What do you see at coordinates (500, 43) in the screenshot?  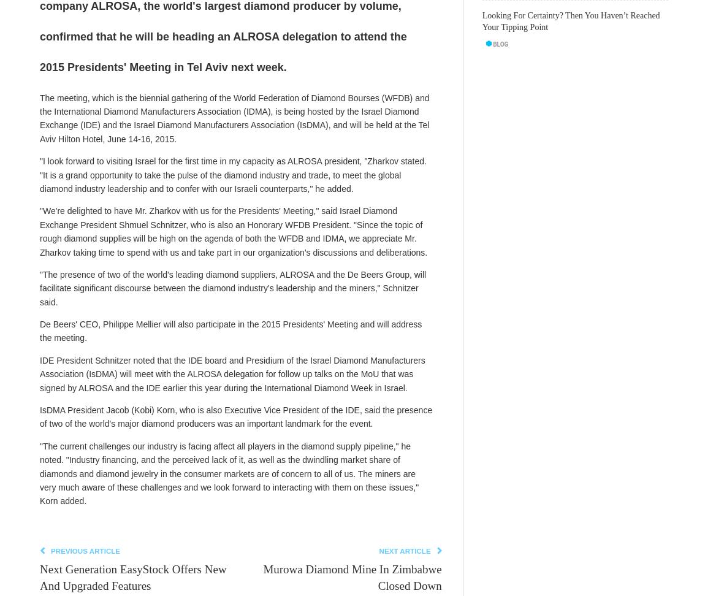 I see `'Blog'` at bounding box center [500, 43].